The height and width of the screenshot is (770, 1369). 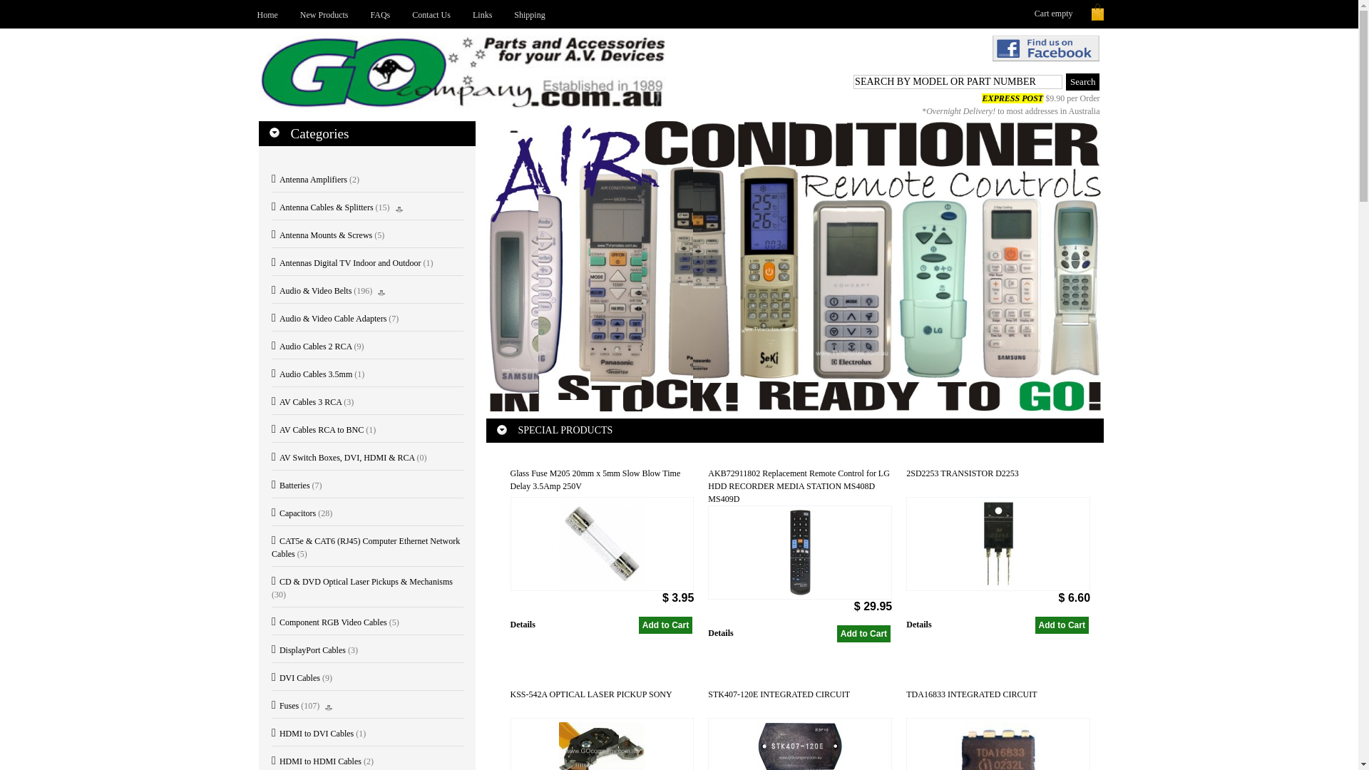 What do you see at coordinates (328, 621) in the screenshot?
I see `'Component RGB Video Cables'` at bounding box center [328, 621].